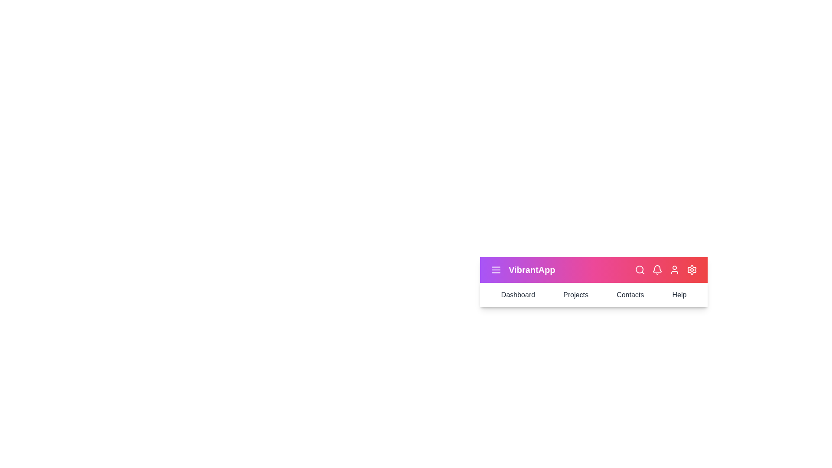 This screenshot has height=468, width=832. Describe the element at coordinates (630, 295) in the screenshot. I see `the menu option labeled Contacts` at that location.